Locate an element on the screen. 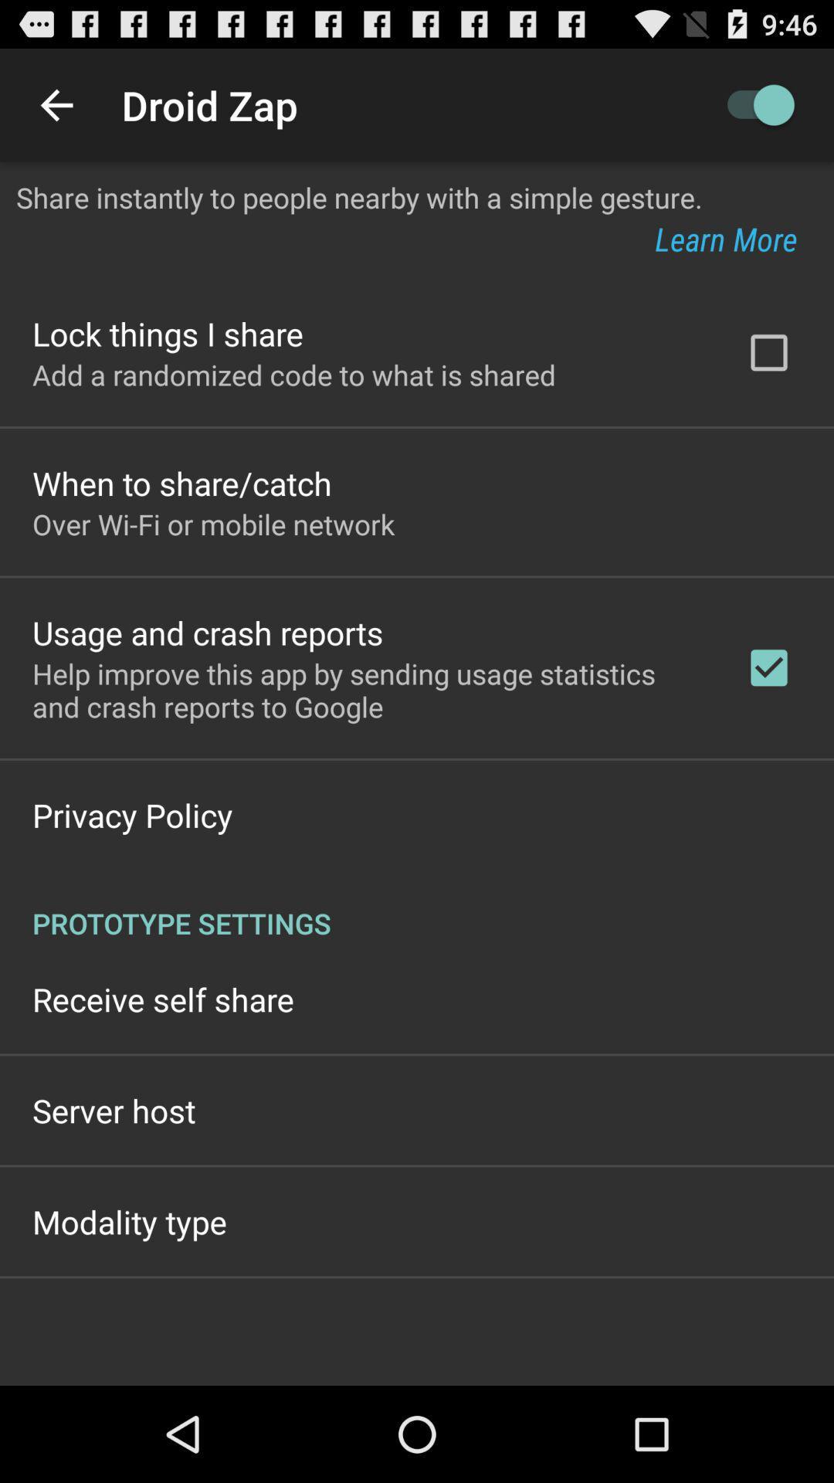 This screenshot has height=1483, width=834. over wi fi item is located at coordinates (213, 524).